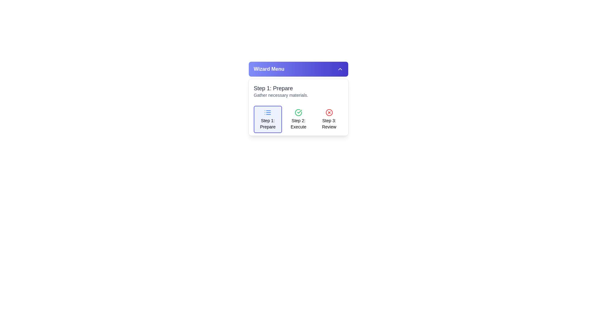 The height and width of the screenshot is (335, 597). Describe the element at coordinates (298, 69) in the screenshot. I see `the collapsible header button located at the top center of the wizard-style menu interface` at that location.